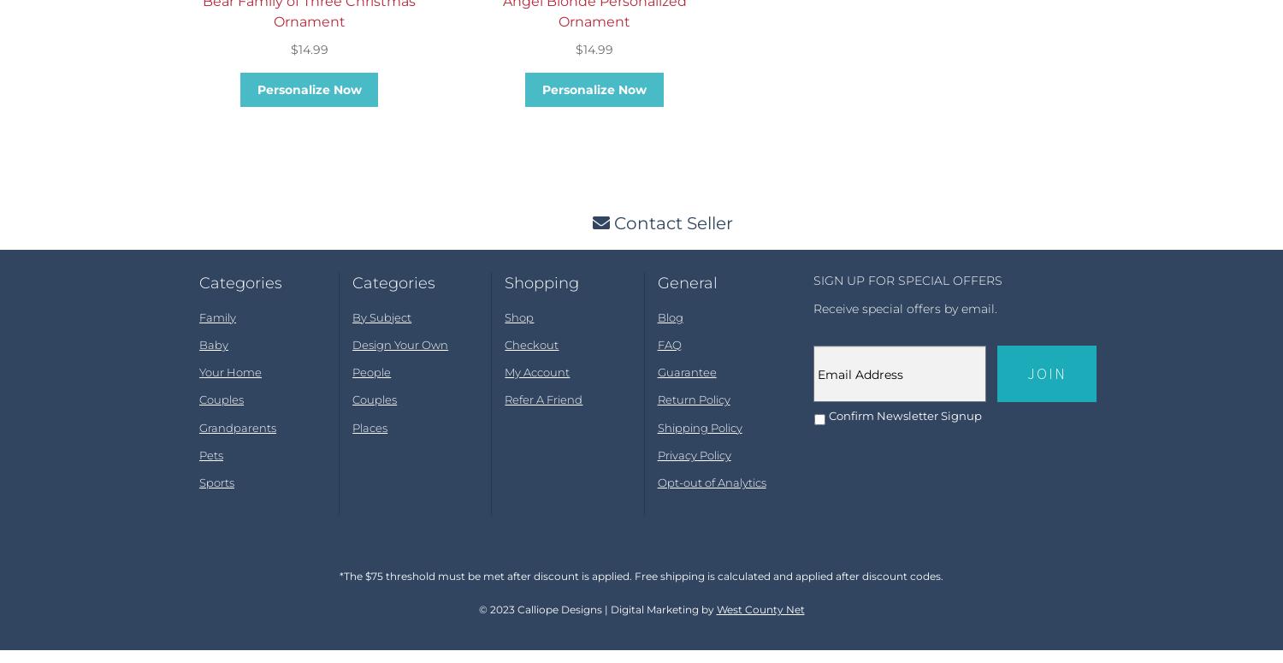  What do you see at coordinates (308, 25) in the screenshot?
I see `'Bear Family of Three Christmas Ornament'` at bounding box center [308, 25].